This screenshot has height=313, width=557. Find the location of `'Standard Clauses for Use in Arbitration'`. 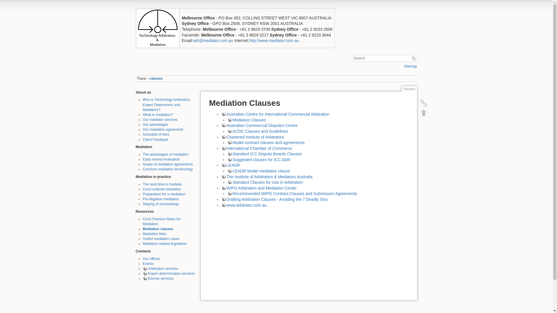

'Standard Clauses for Use in Arbitration' is located at coordinates (265, 182).